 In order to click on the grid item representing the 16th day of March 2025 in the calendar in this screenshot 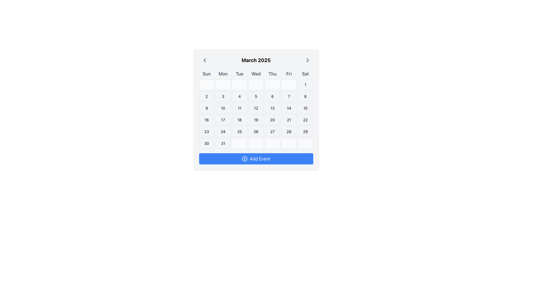, I will do `click(206, 119)`.